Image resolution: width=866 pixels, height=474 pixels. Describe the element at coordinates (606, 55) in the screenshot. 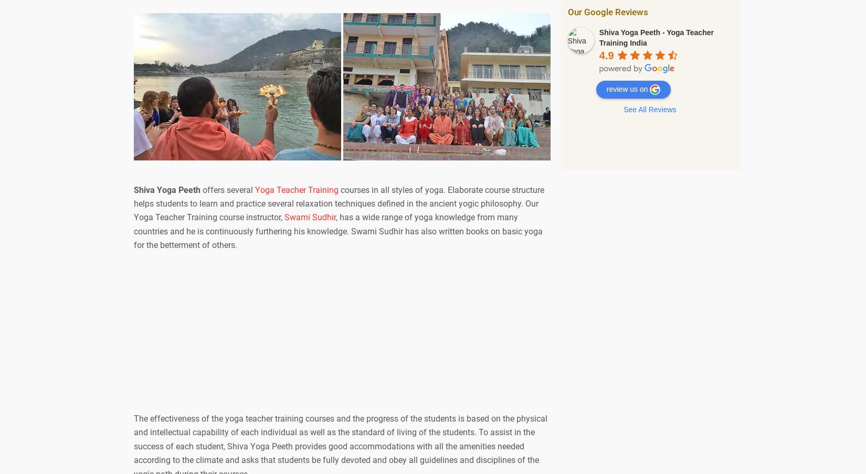

I see `'4.9'` at that location.